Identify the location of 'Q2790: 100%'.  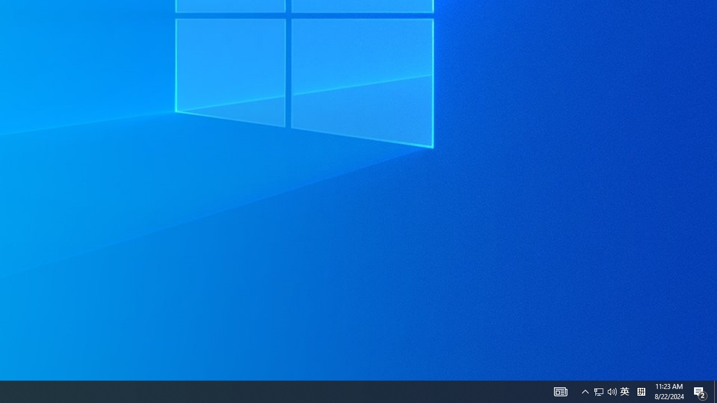
(612, 391).